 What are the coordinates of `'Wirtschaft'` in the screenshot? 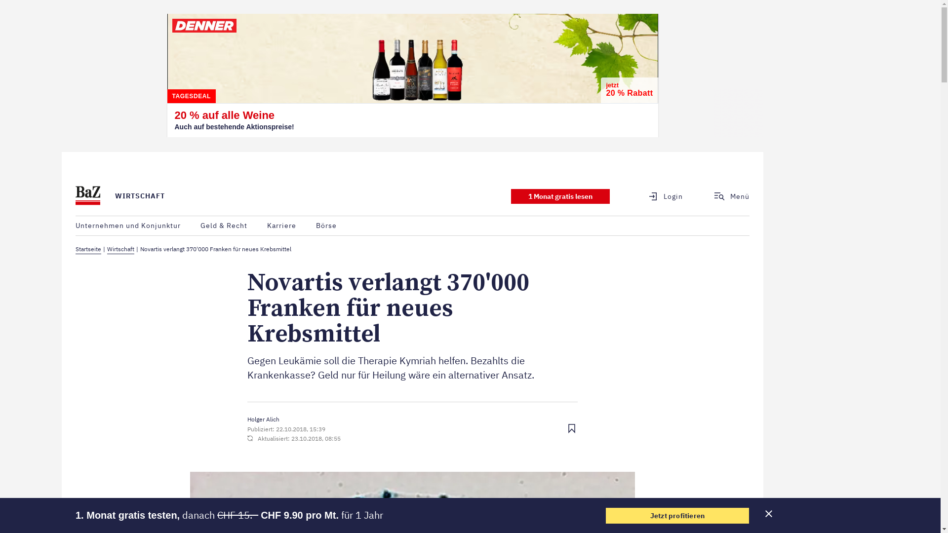 It's located at (120, 249).